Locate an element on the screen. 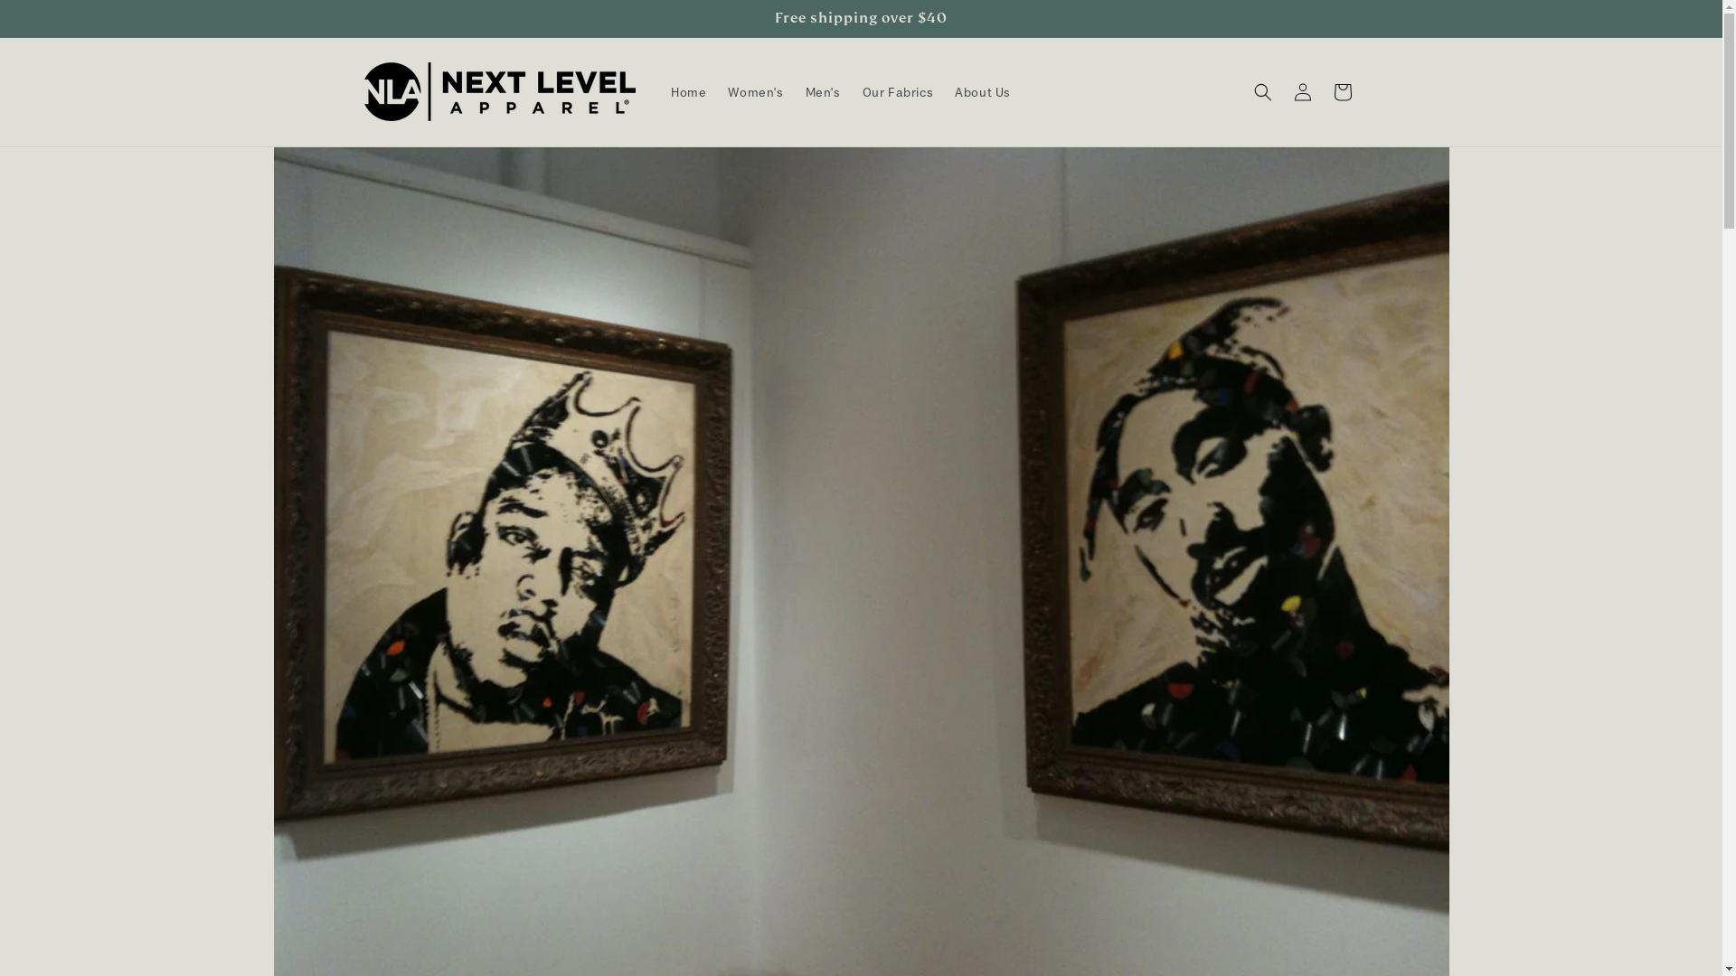 The width and height of the screenshot is (1736, 976). 'Women's' is located at coordinates (755, 91).